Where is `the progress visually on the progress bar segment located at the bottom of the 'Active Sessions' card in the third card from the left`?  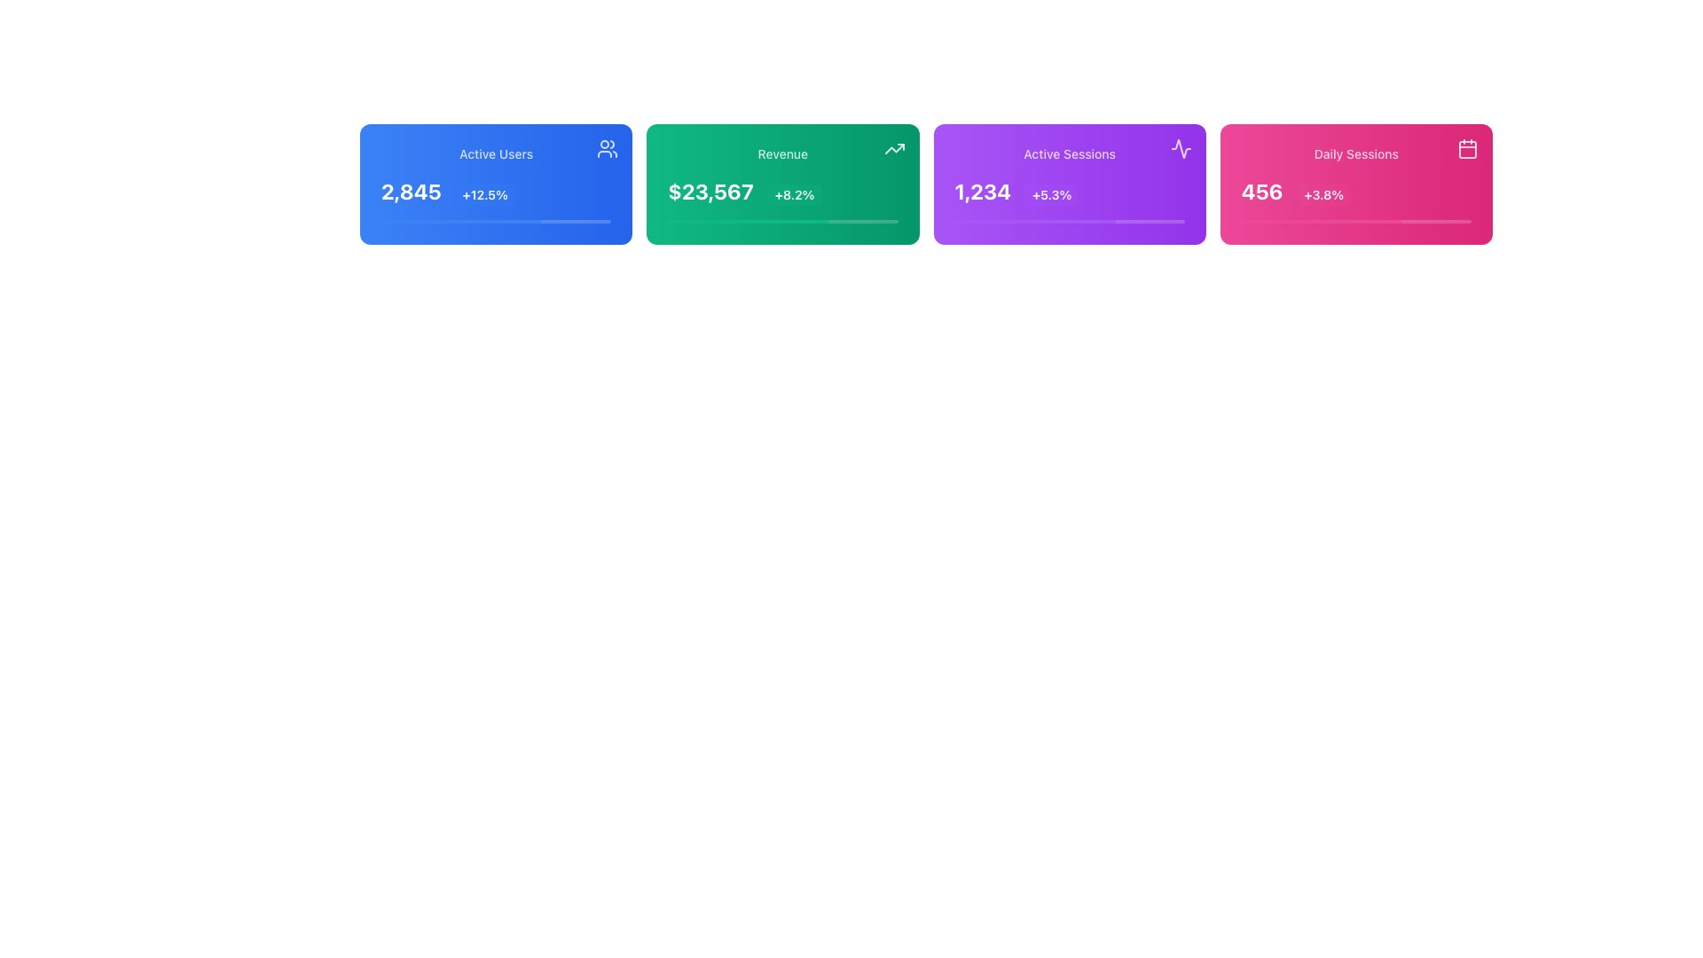
the progress visually on the progress bar segment located at the bottom of the 'Active Sessions' card in the third card from the left is located at coordinates (1035, 221).